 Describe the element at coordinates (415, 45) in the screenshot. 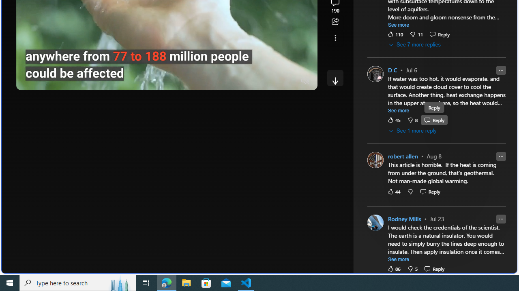

I see `'See 7 more replies'` at that location.